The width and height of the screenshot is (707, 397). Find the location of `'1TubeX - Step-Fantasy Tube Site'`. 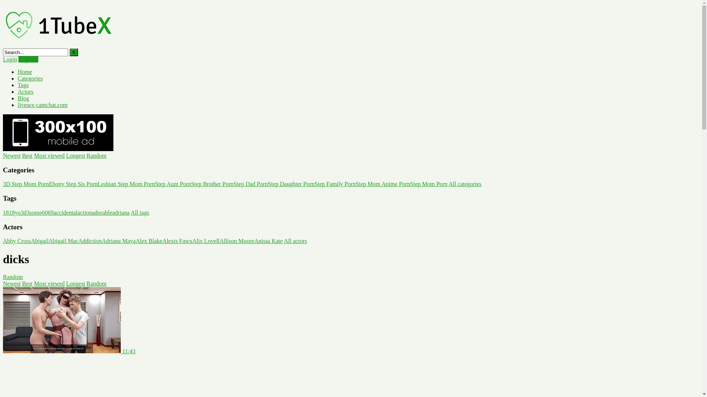

'1TubeX - Step-Fantasy Tube Site' is located at coordinates (58, 45).